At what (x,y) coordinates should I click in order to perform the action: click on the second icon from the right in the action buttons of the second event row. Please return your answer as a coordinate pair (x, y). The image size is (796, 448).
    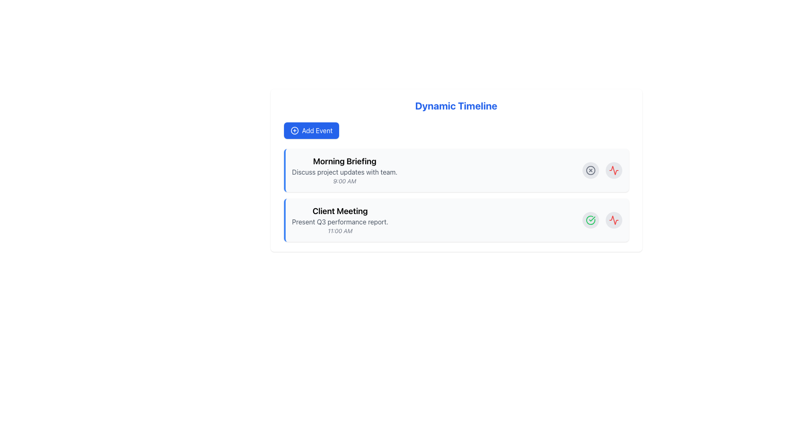
    Looking at the image, I should click on (614, 170).